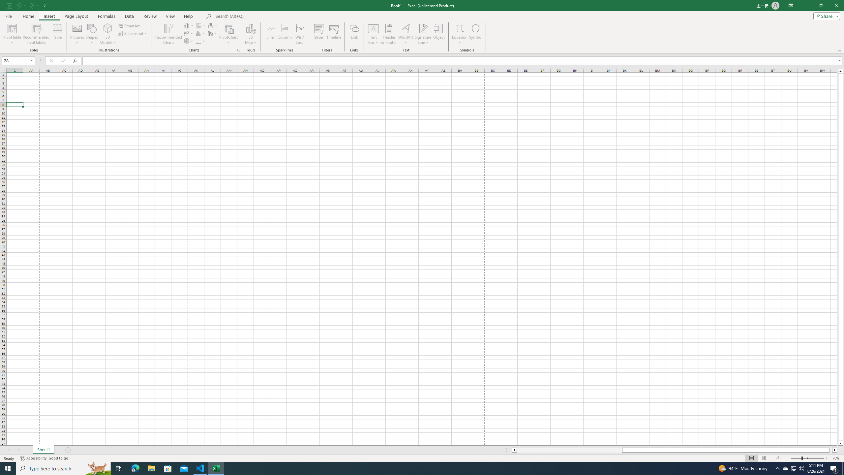 The height and width of the screenshot is (475, 844). Describe the element at coordinates (107, 28) in the screenshot. I see `'3D Models'` at that location.